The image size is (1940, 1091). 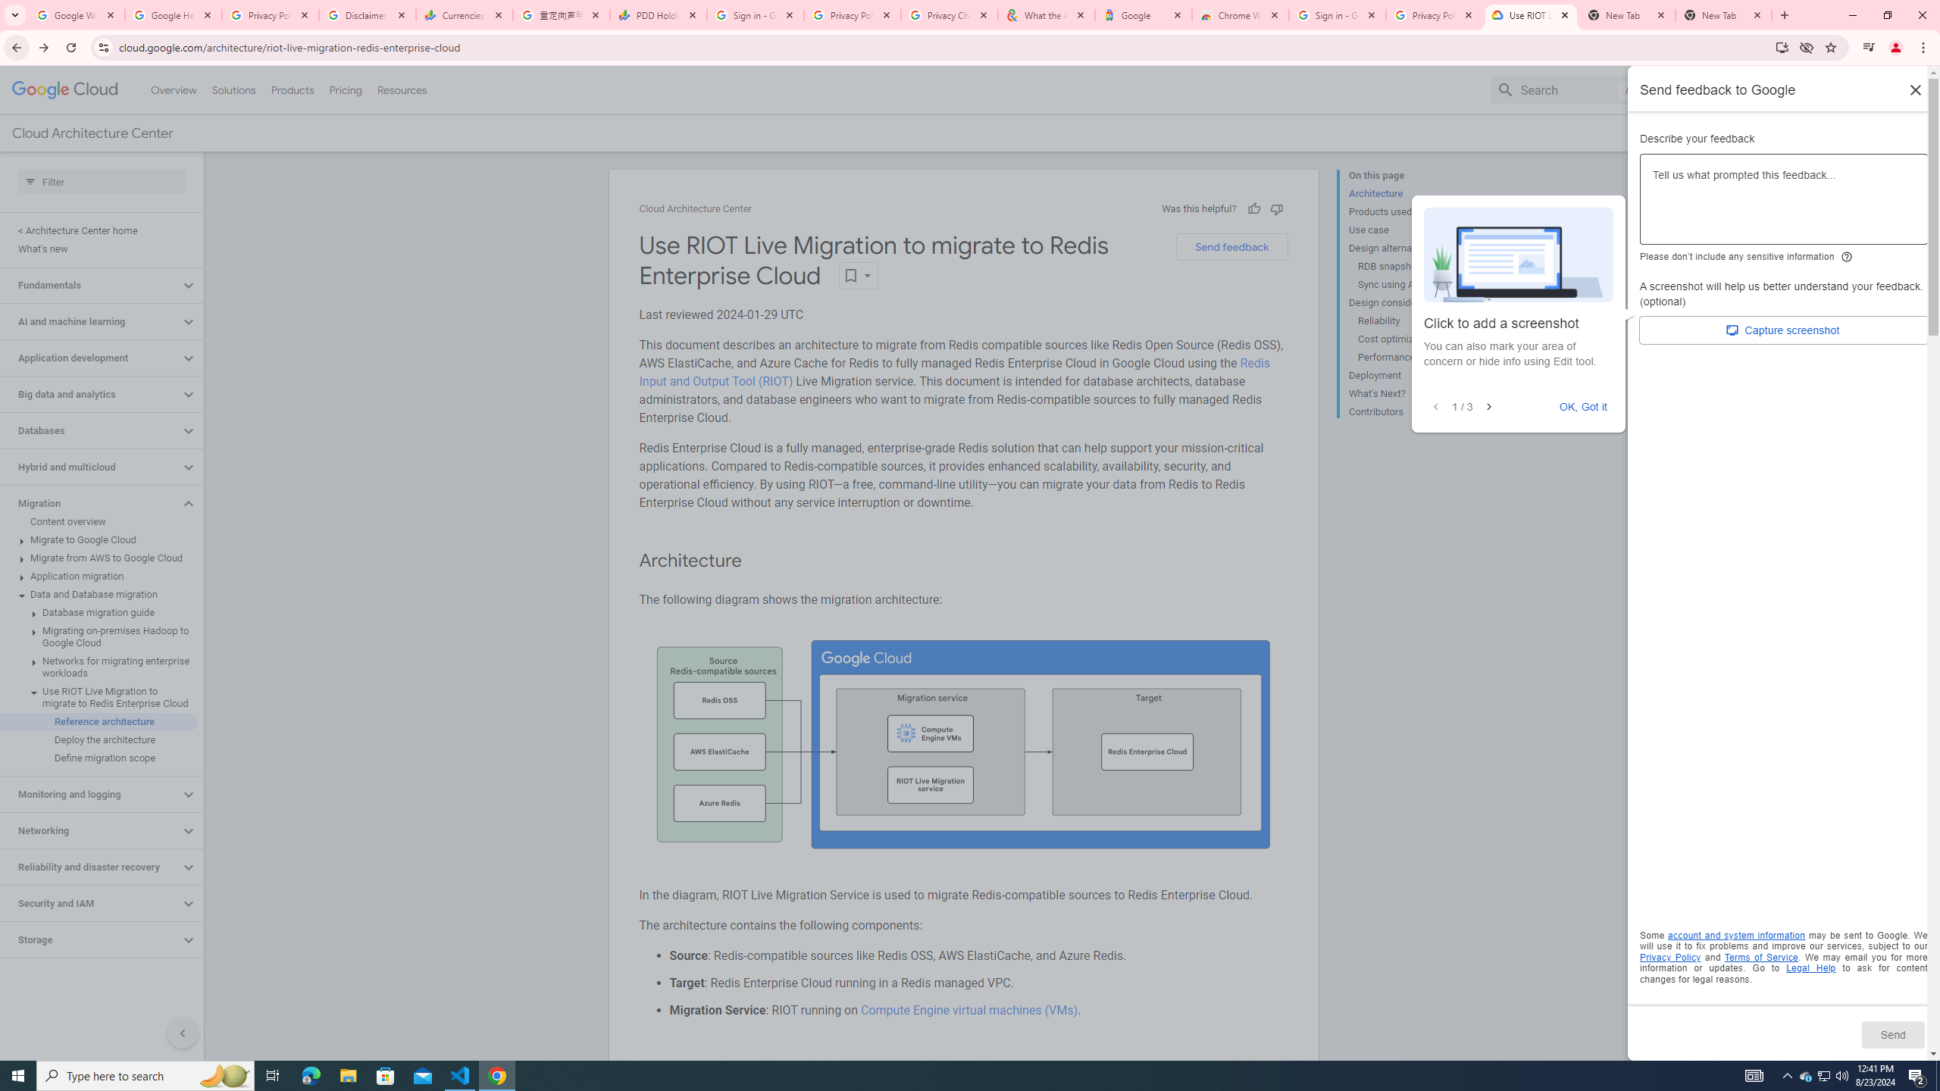 I want to click on 'Big data and analytics', so click(x=89, y=394).